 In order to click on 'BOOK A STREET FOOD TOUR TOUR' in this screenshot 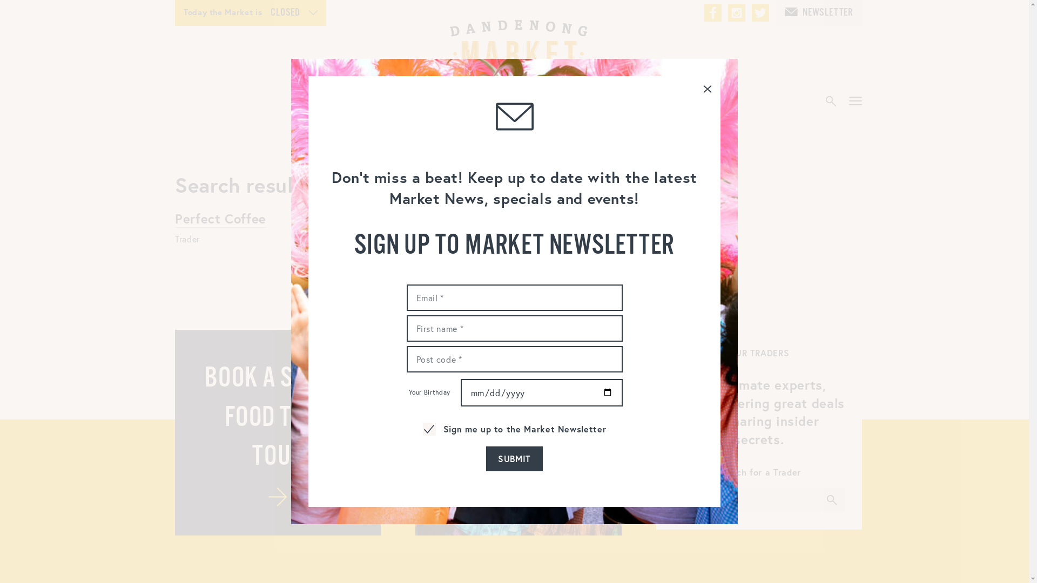, I will do `click(278, 432)`.